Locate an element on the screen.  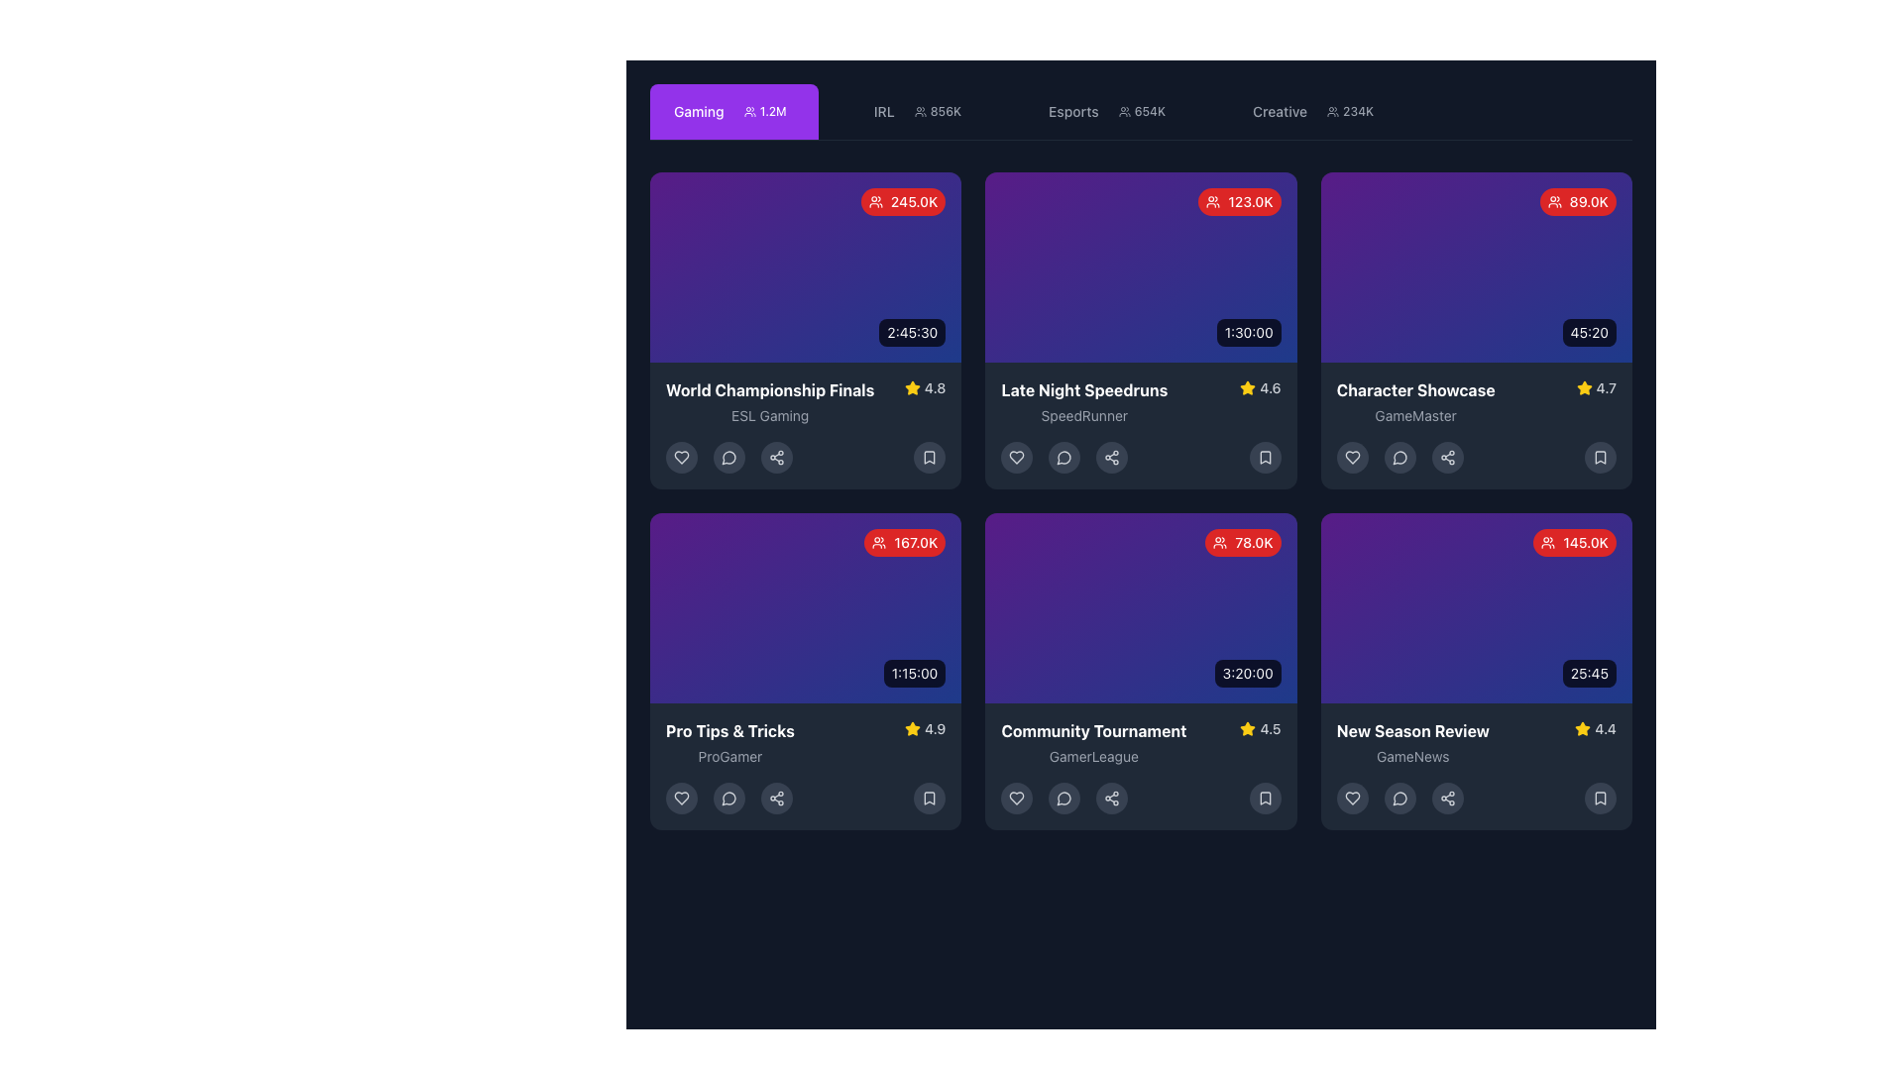
value displayed in the text label showing '145.0K' in white font on a red background, located in the top-right corner of the lower-right card is located at coordinates (1586, 542).